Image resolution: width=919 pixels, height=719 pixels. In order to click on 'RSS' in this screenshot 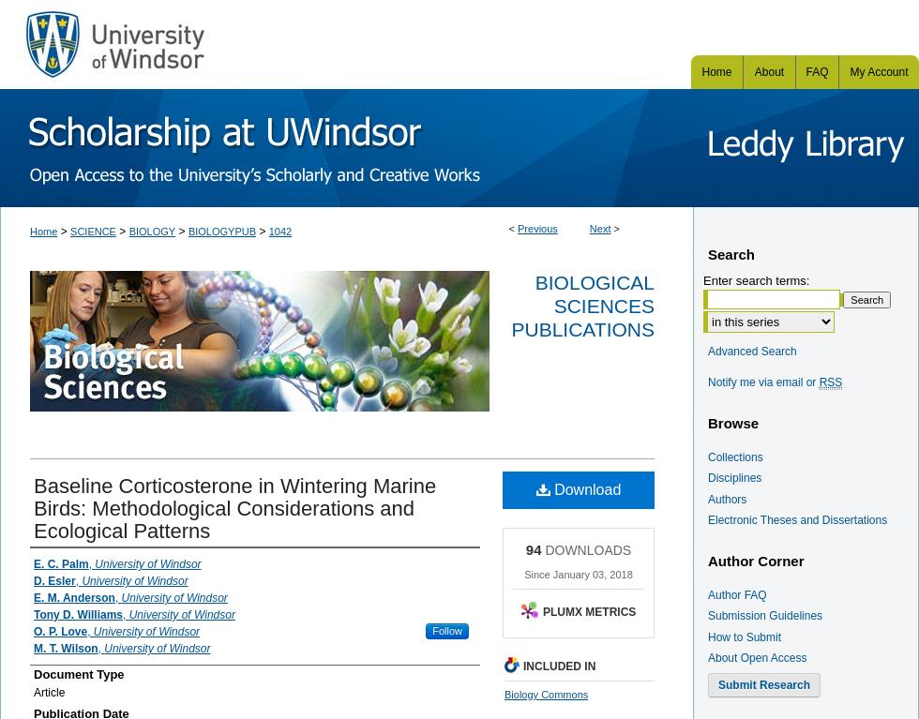, I will do `click(830, 382)`.